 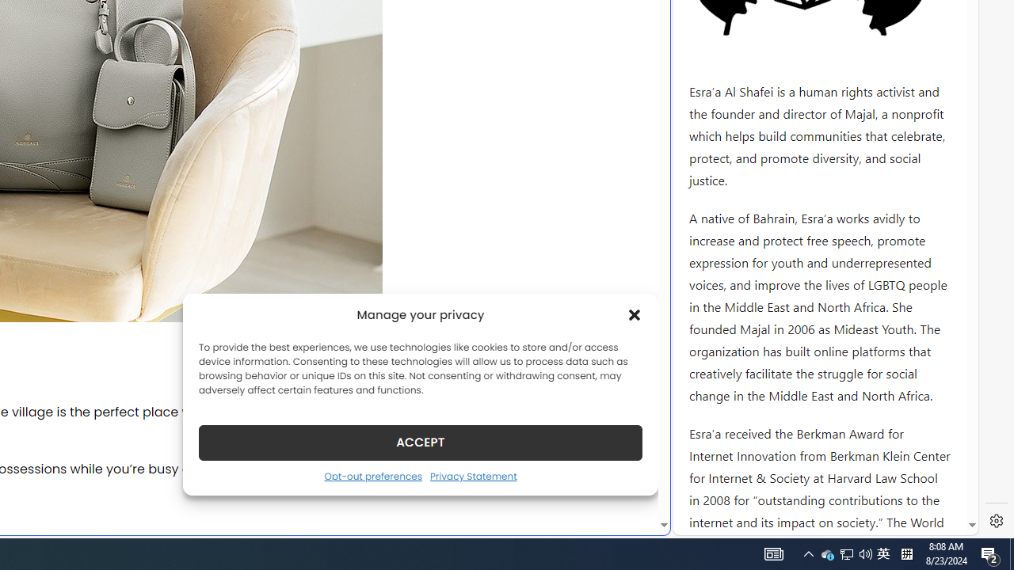 What do you see at coordinates (472, 475) in the screenshot?
I see `'Privacy Statement'` at bounding box center [472, 475].